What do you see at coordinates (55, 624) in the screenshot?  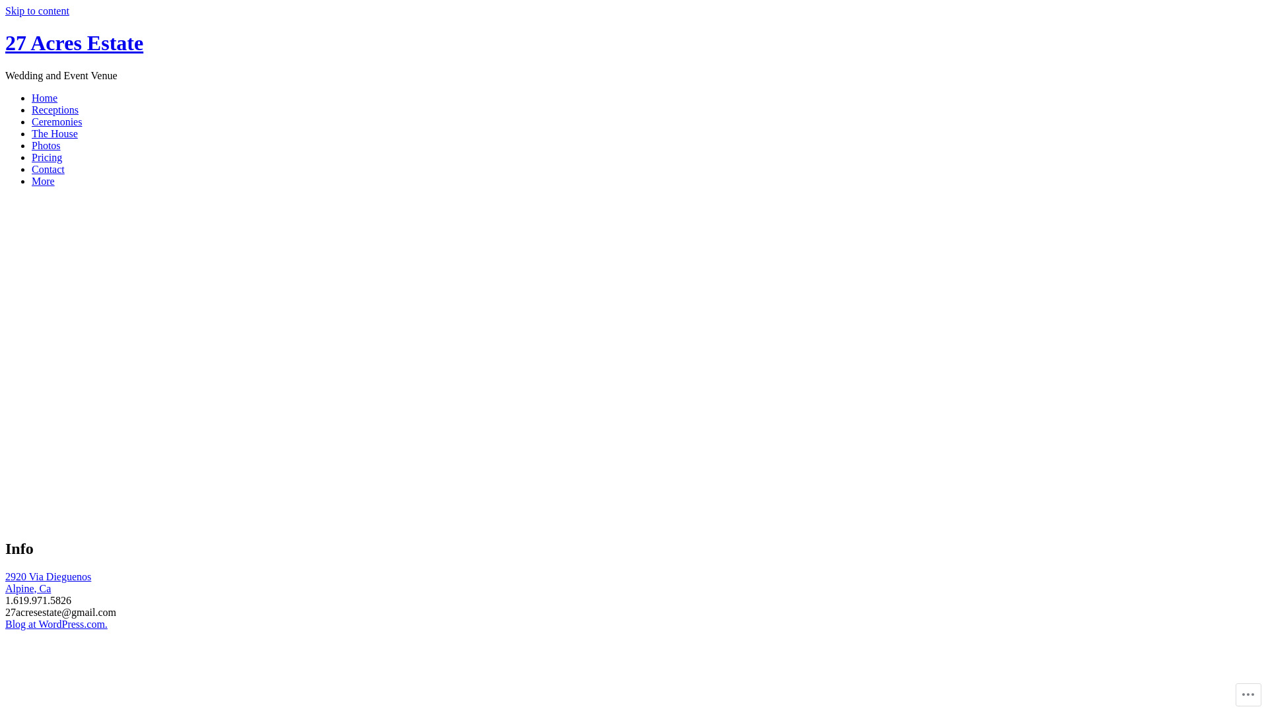 I see `'Blog at WordPress.com.'` at bounding box center [55, 624].